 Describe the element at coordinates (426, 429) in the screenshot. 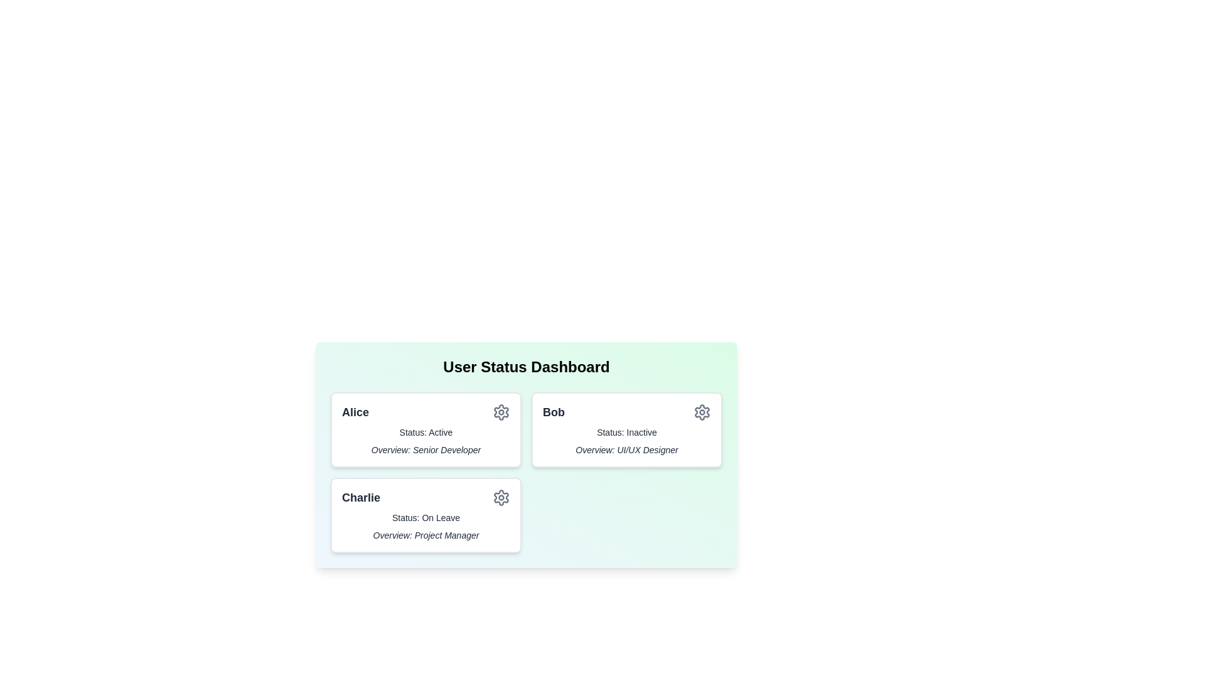

I see `the user card for Alice to toggle their selection` at that location.